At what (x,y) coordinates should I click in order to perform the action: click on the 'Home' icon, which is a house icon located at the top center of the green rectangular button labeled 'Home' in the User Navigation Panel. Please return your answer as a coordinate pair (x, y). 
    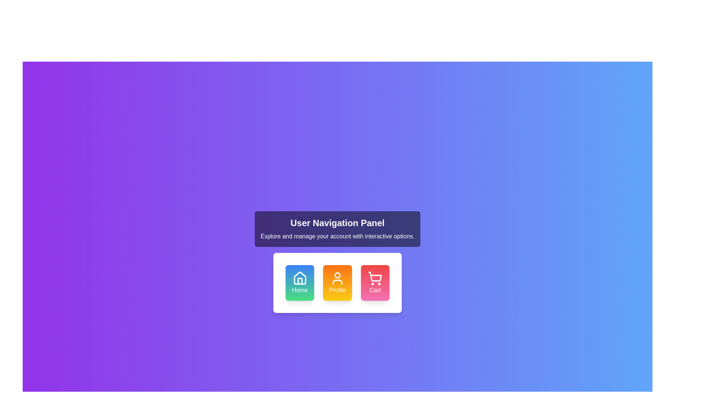
    Looking at the image, I should click on (300, 278).